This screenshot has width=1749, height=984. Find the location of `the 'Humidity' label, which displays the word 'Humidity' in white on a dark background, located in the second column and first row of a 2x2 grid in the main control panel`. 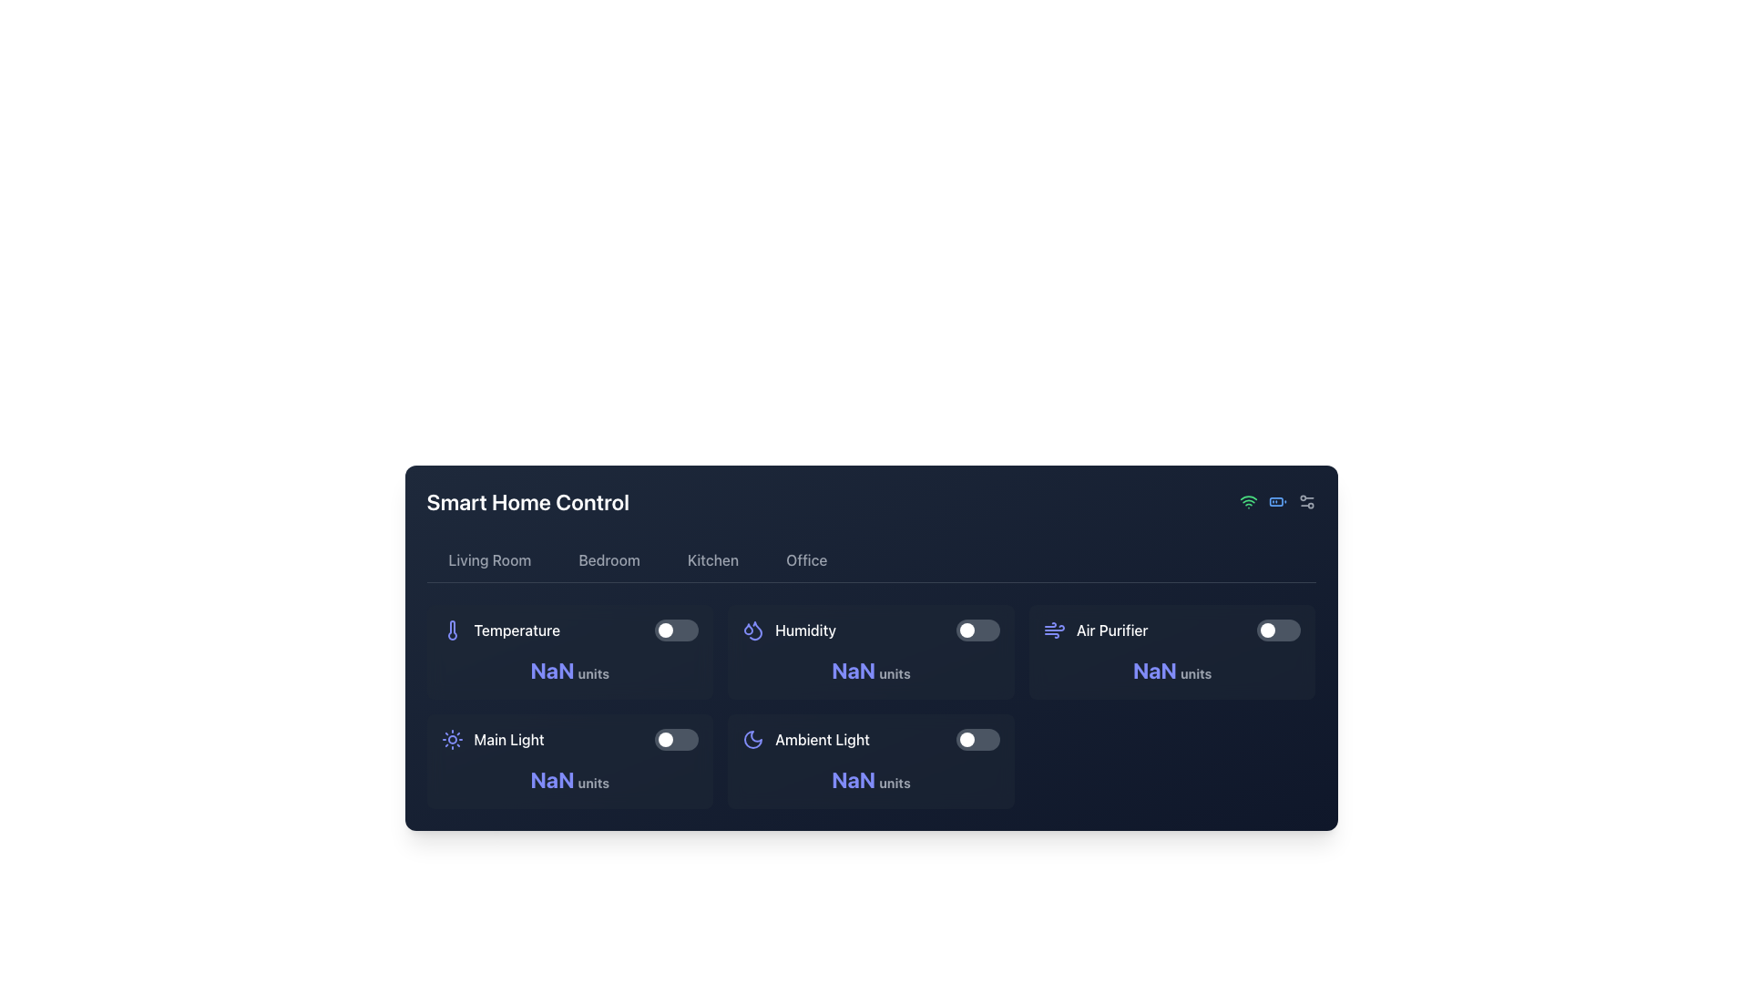

the 'Humidity' label, which displays the word 'Humidity' in white on a dark background, located in the second column and first row of a 2x2 grid in the main control panel is located at coordinates (804, 629).